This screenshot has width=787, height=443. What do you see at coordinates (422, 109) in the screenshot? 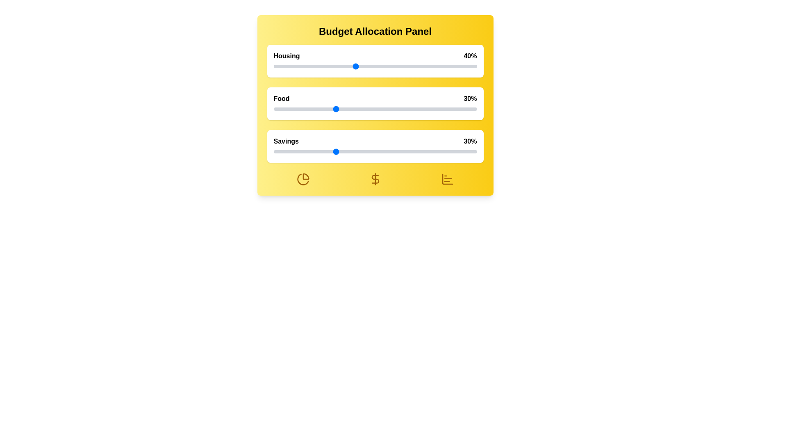
I see `the slider` at bounding box center [422, 109].